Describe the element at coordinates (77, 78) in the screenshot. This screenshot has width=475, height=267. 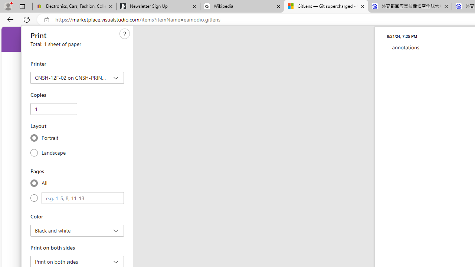
I see `'Printer CNSH-12F-02 on CNSH-PRINT-01'` at that location.